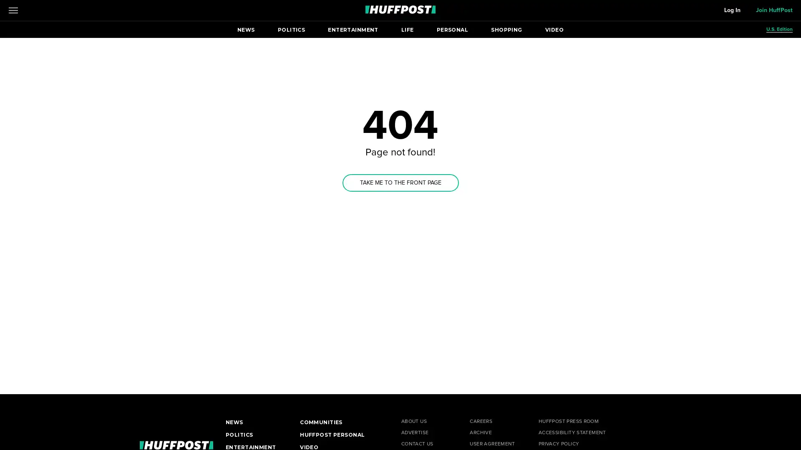 This screenshot has height=450, width=801. What do you see at coordinates (400, 10) in the screenshot?
I see `Go to HuffPost News` at bounding box center [400, 10].